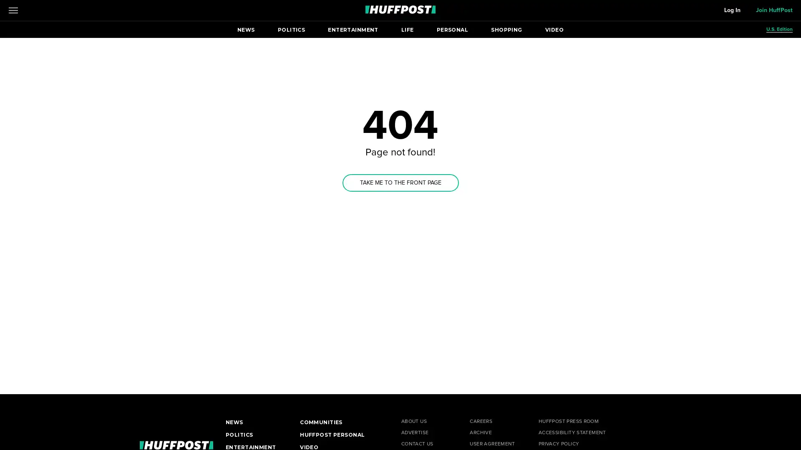 This screenshot has height=450, width=801. What do you see at coordinates (400, 10) in the screenshot?
I see `Go to HuffPost News` at bounding box center [400, 10].